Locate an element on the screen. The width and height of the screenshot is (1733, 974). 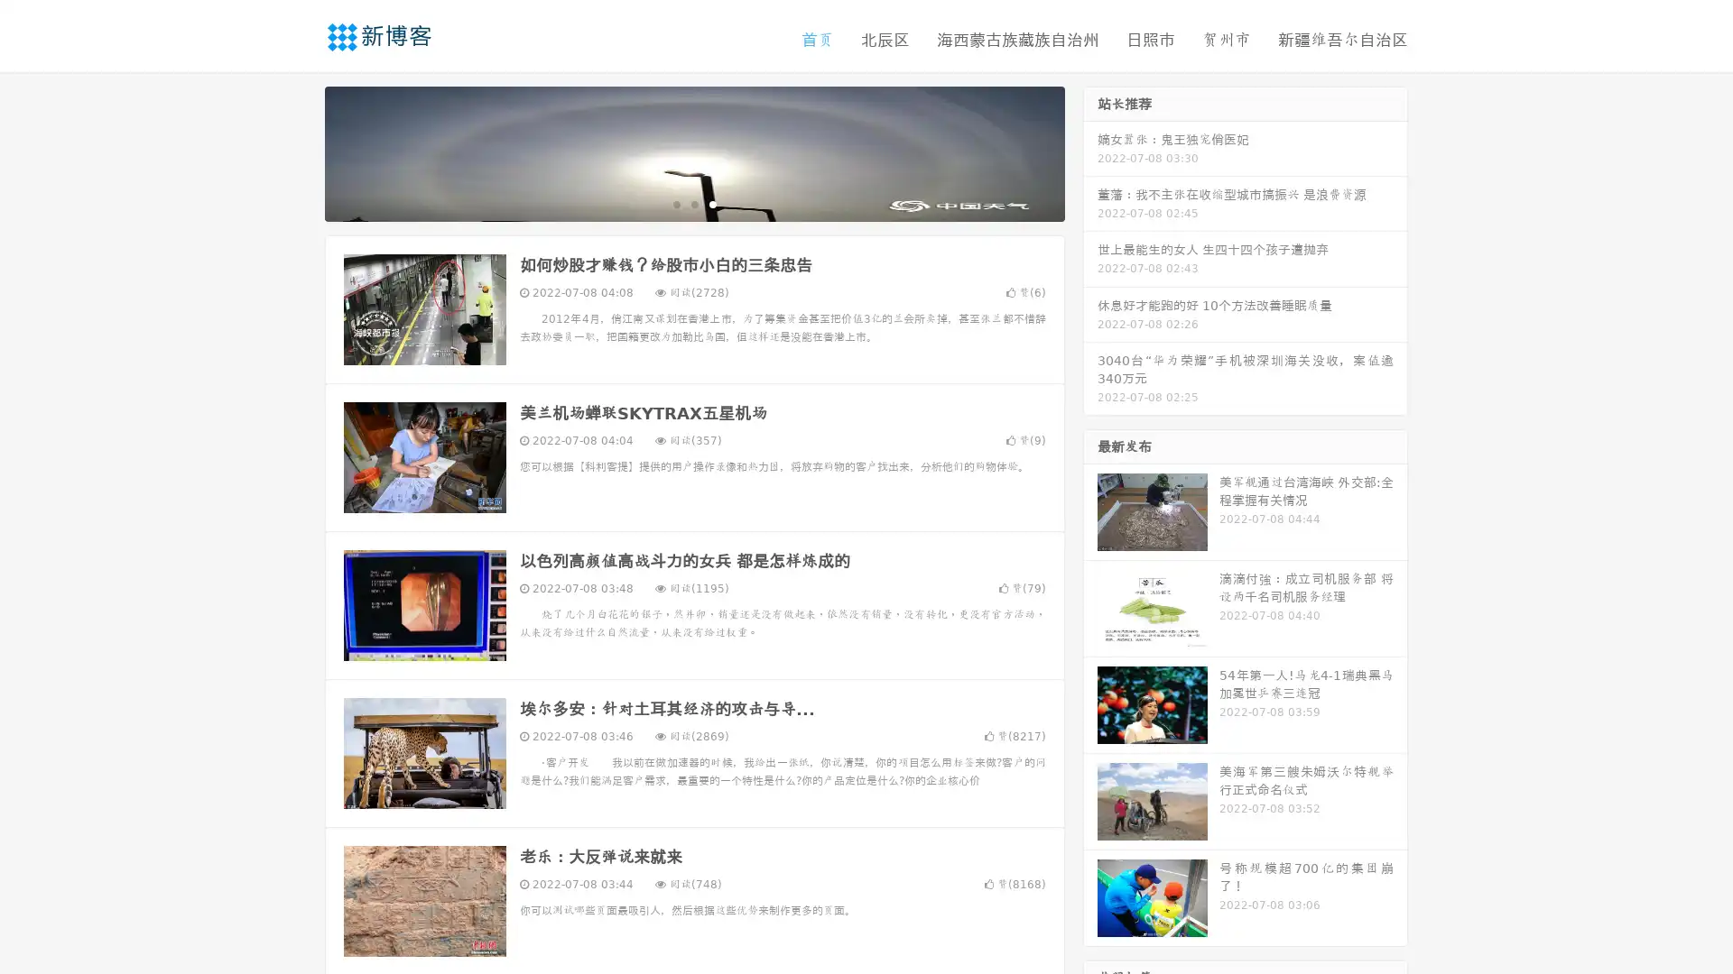
Go to slide 1 is located at coordinates (675, 203).